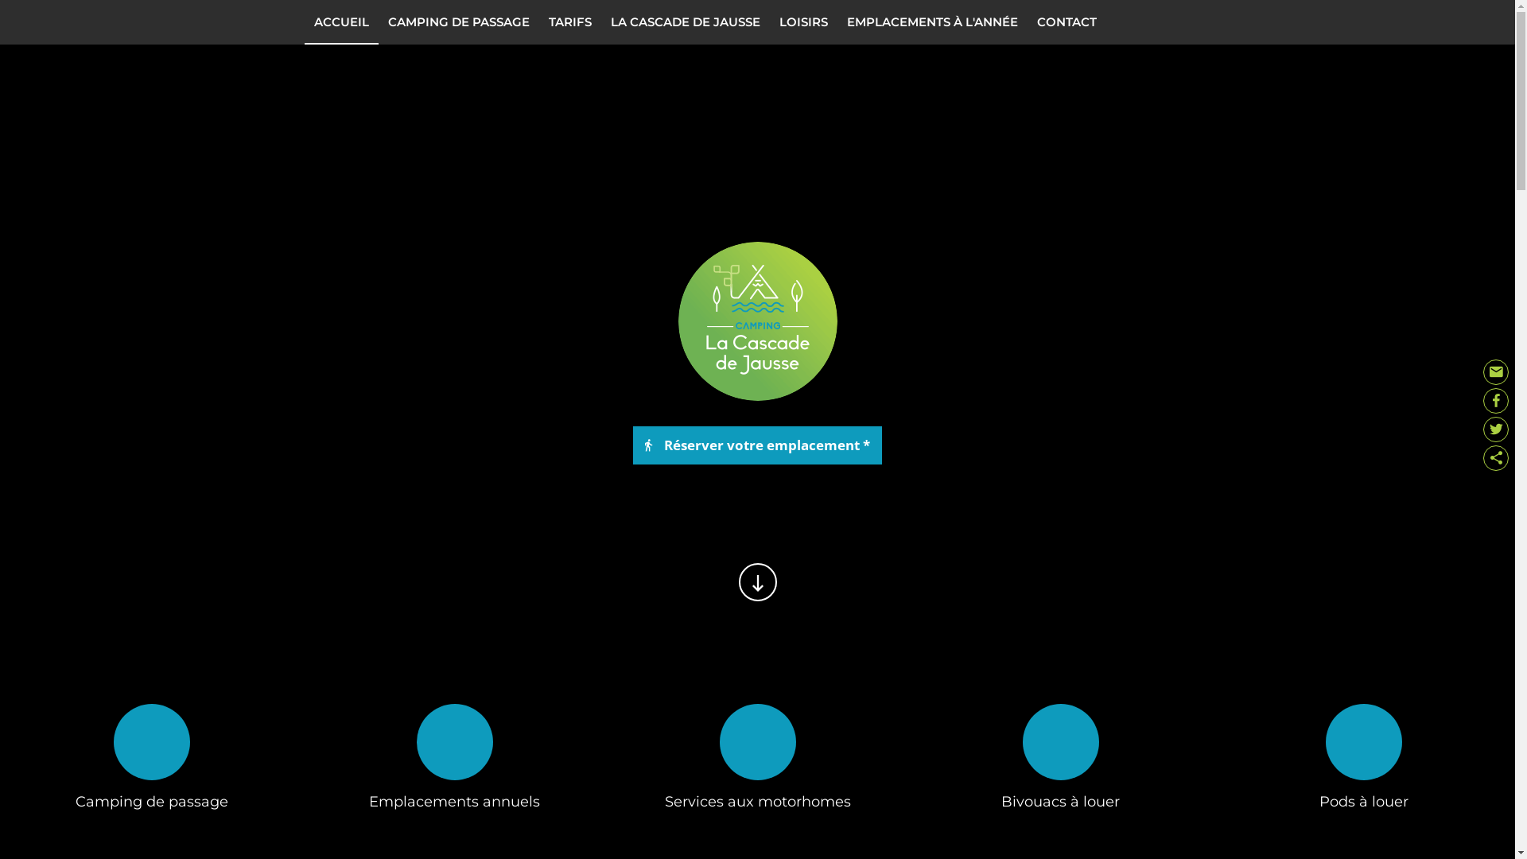  What do you see at coordinates (803, 21) in the screenshot?
I see `'LOISIRS'` at bounding box center [803, 21].